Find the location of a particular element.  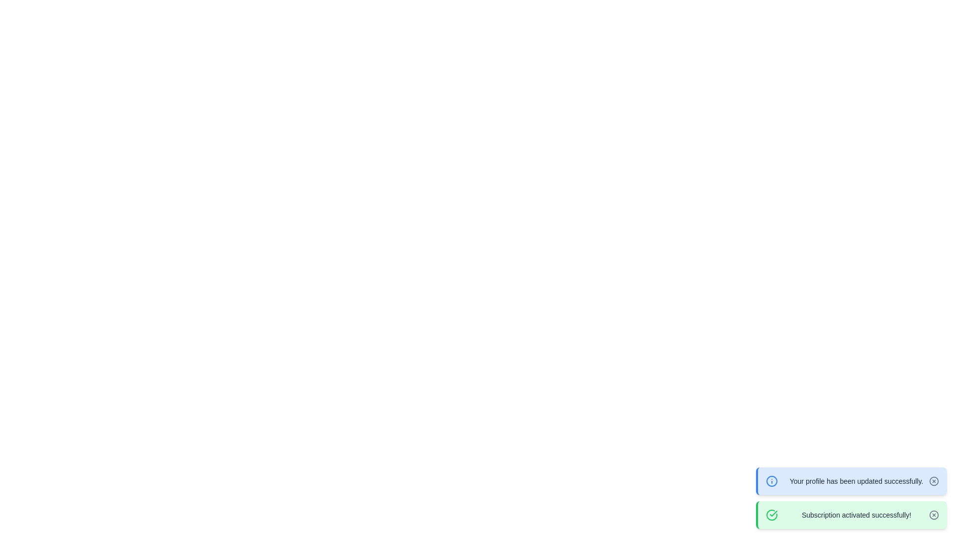

the Notification card that has a green left border and displays 'Subscription activated successfully!' in the center is located at coordinates (851, 515).